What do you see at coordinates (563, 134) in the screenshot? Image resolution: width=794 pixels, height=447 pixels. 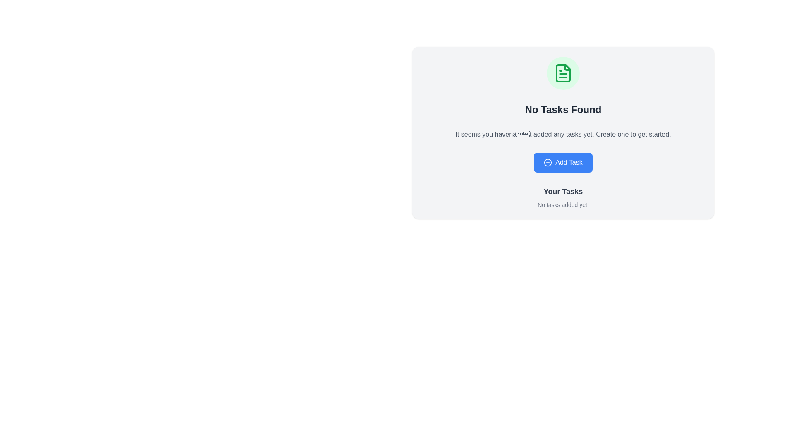 I see `informational text component that displays the message: 'It seems you haven’t added any tasks yet. Create one to get started.' located beneath the 'No Tasks Found' heading` at bounding box center [563, 134].